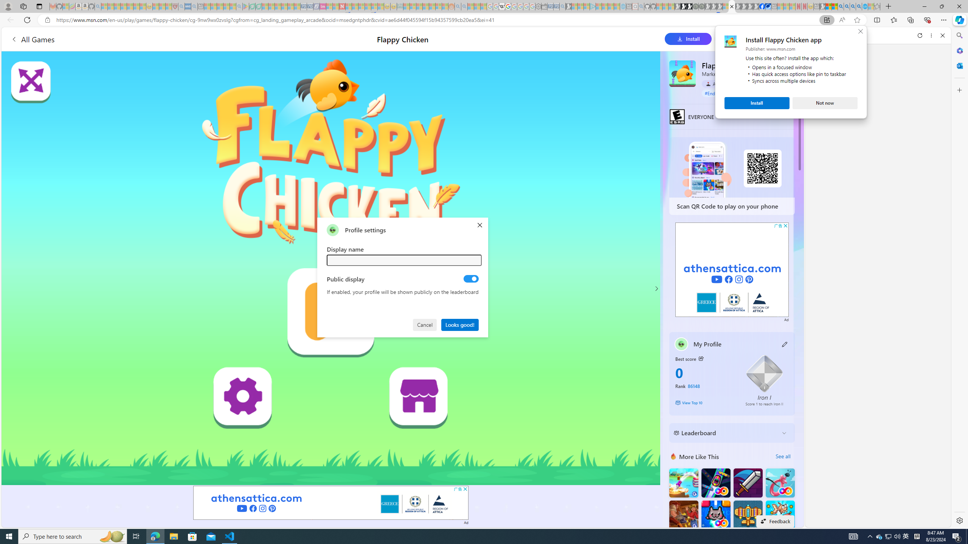 The image size is (968, 544). Describe the element at coordinates (768, 6) in the screenshot. I see `'AirNow.gov'` at that location.